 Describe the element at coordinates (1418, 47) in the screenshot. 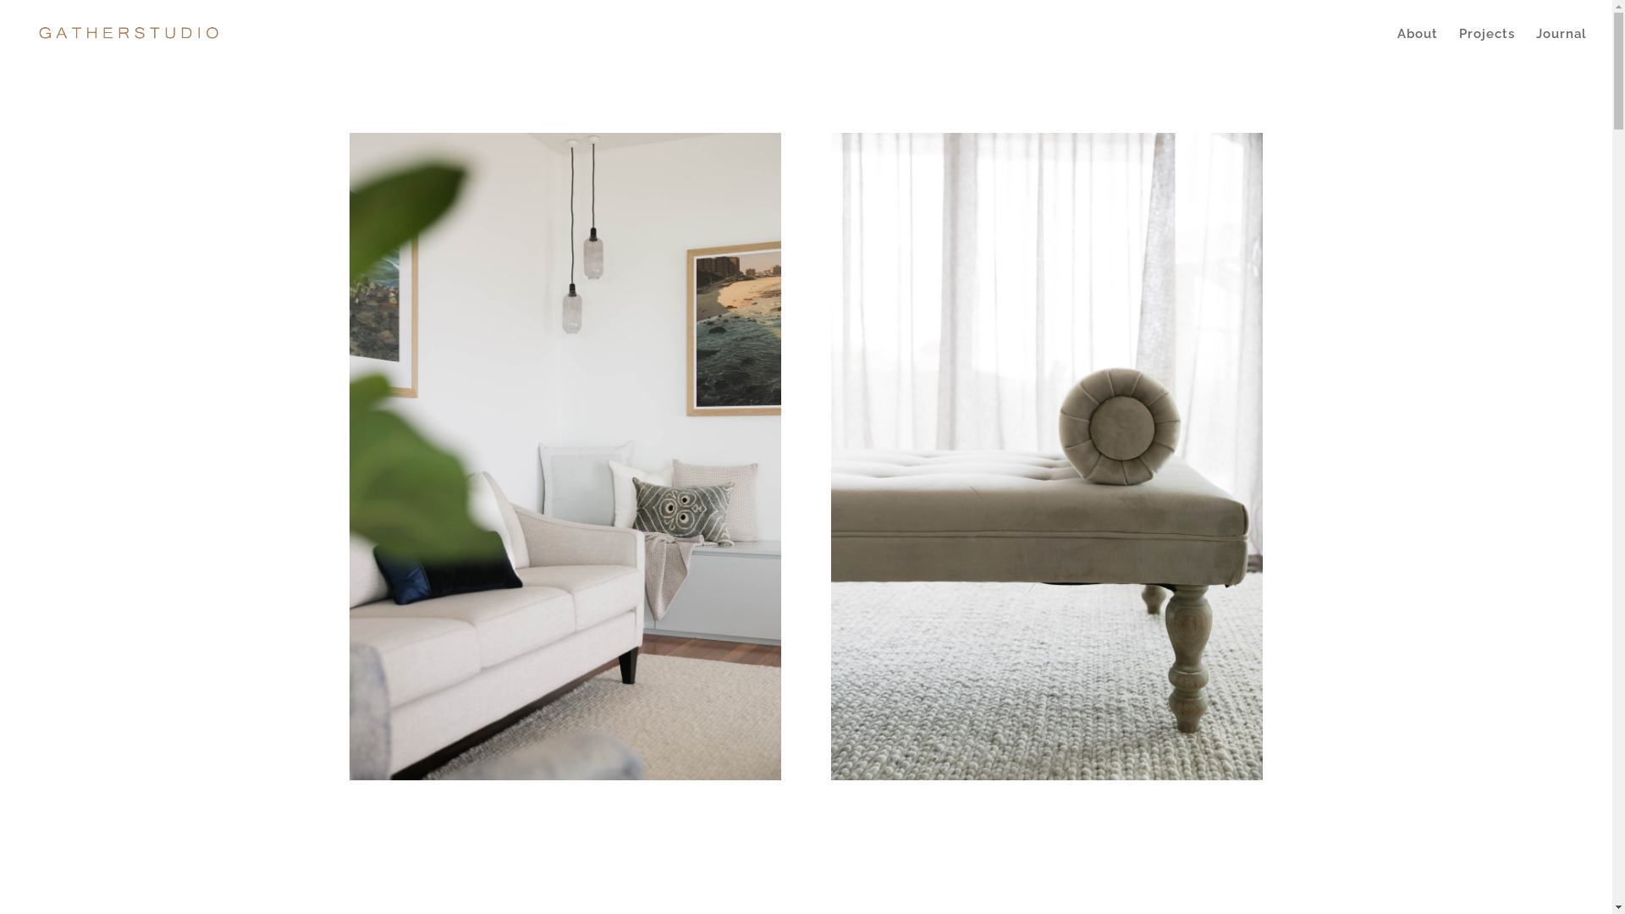

I see `'About'` at that location.